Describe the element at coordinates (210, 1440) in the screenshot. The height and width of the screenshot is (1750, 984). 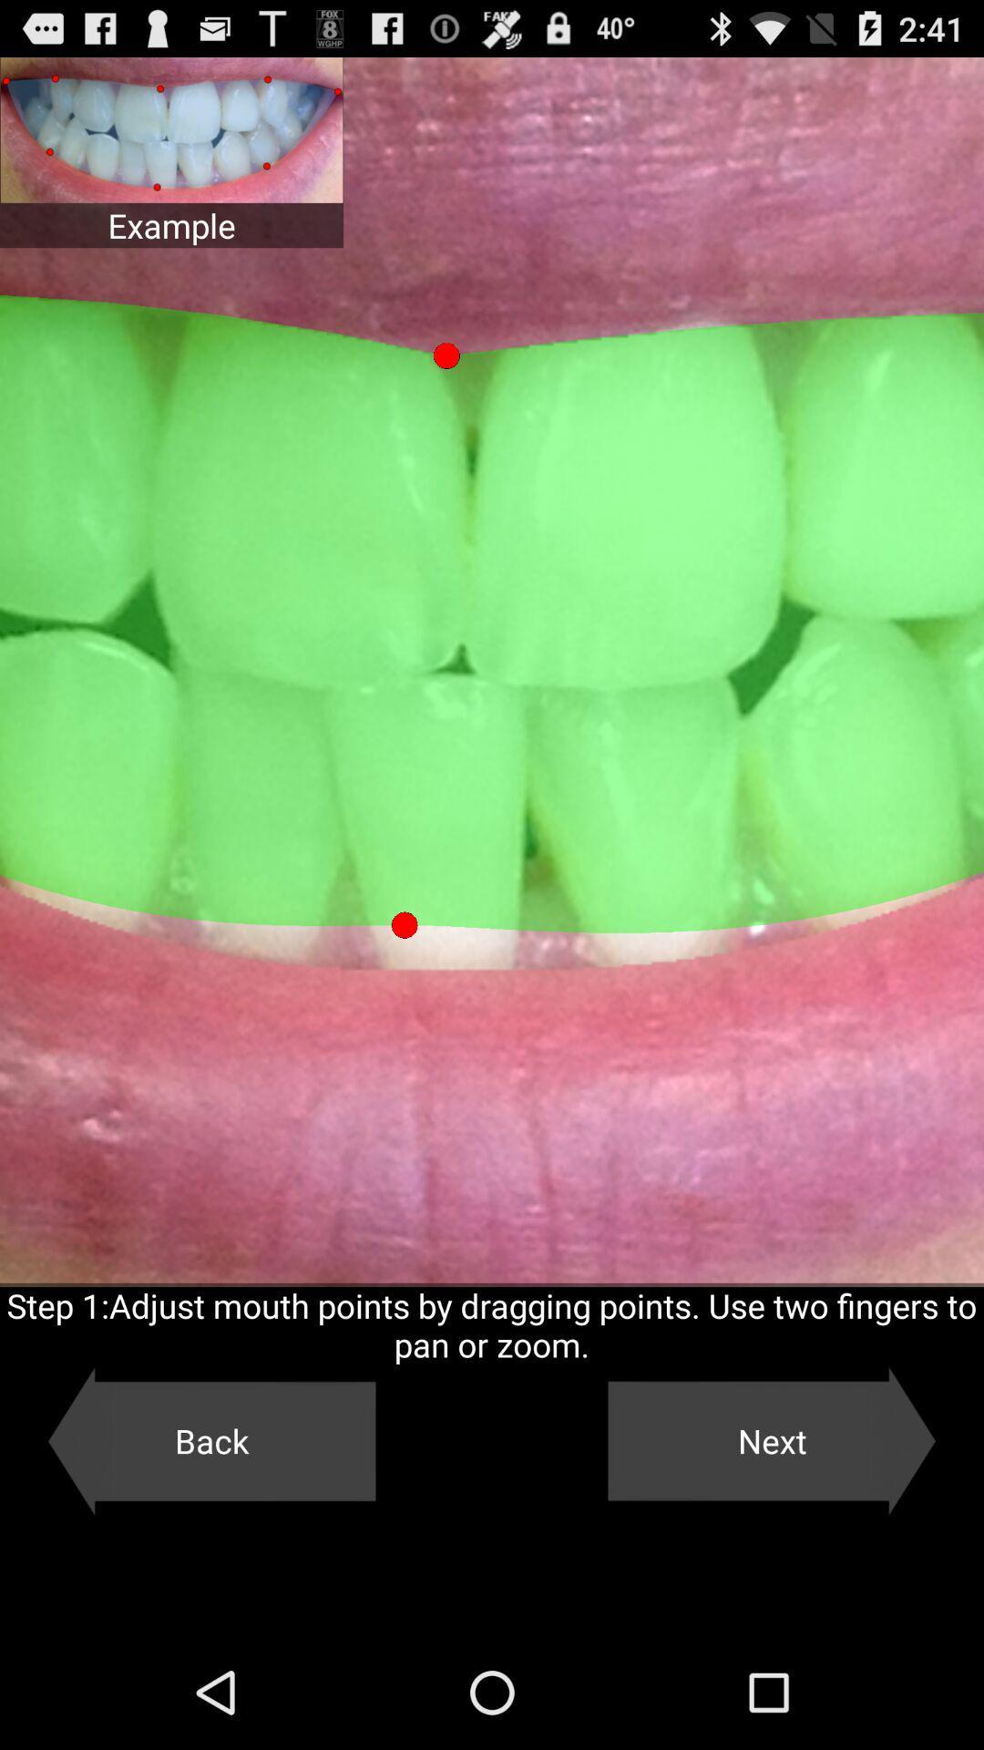
I see `item to the left of the next` at that location.